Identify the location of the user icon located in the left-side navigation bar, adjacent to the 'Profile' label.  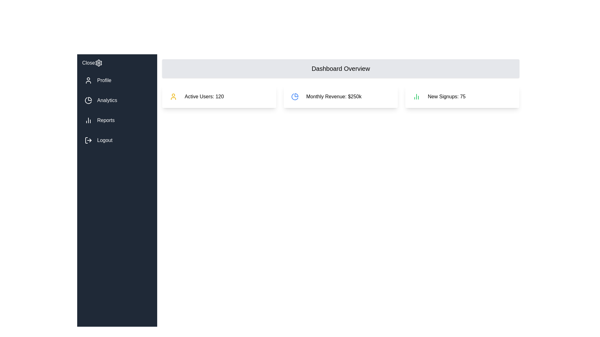
(88, 80).